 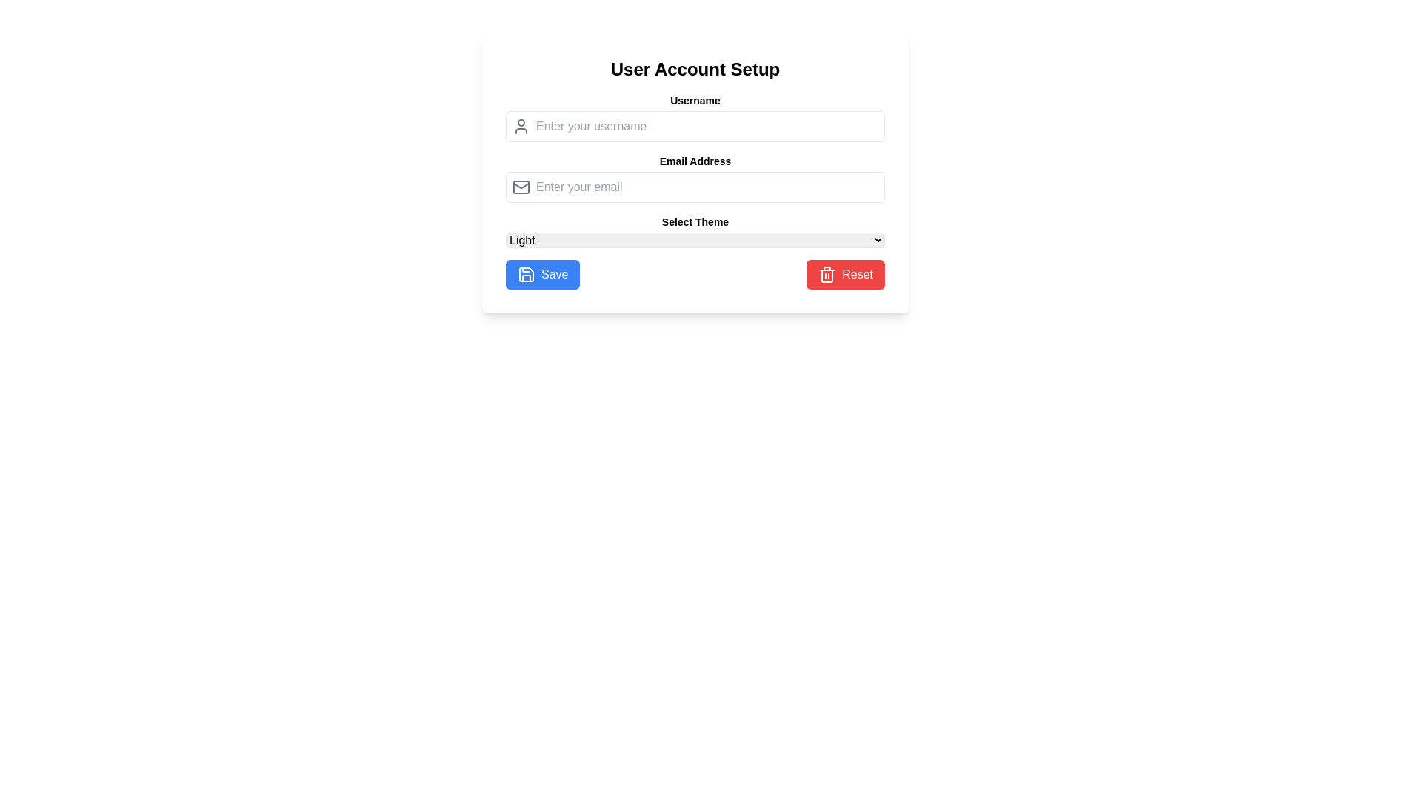 What do you see at coordinates (695, 239) in the screenshot?
I see `the theme selection dropdown menu located under the 'Select Theme' text and navigate through the options` at bounding box center [695, 239].